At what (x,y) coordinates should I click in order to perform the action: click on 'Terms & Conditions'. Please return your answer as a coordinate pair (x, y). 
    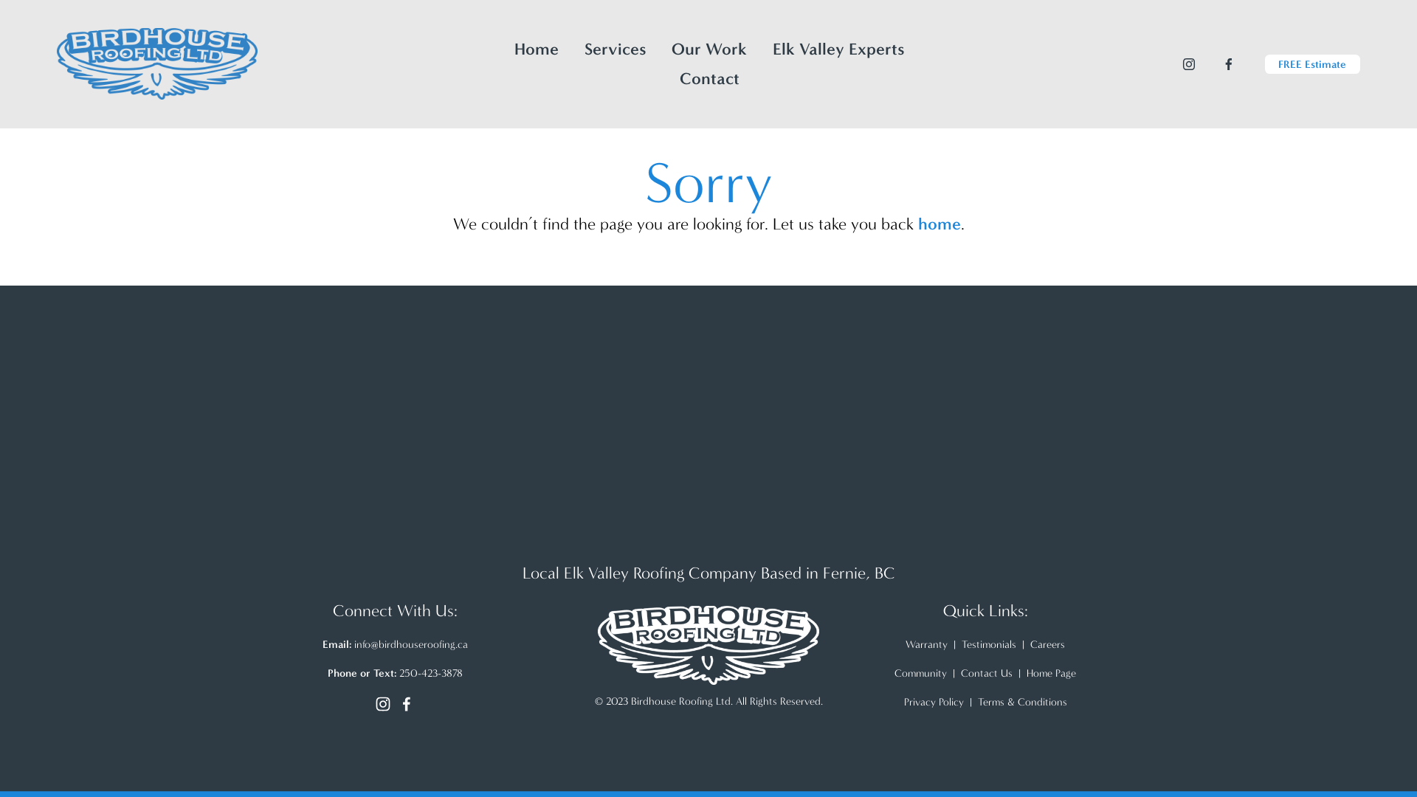
    Looking at the image, I should click on (1021, 701).